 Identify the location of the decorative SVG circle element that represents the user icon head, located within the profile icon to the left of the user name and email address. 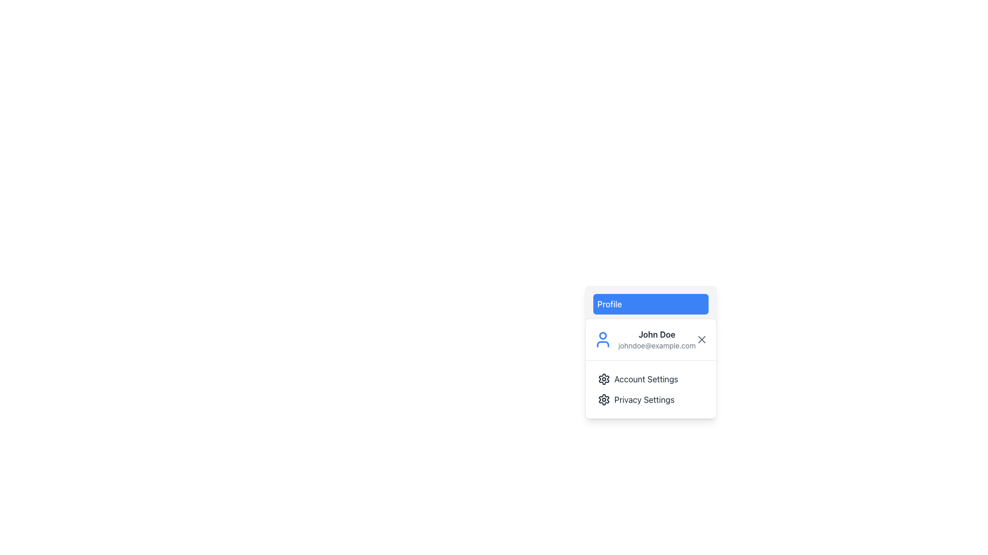
(603, 336).